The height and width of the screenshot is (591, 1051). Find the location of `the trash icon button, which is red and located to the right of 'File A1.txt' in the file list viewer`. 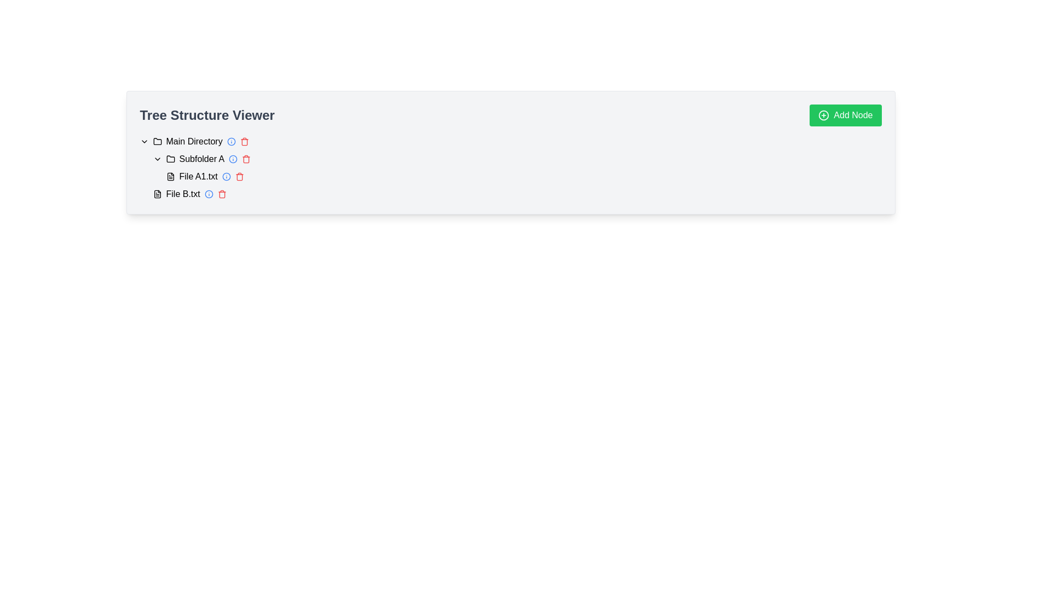

the trash icon button, which is red and located to the right of 'File A1.txt' in the file list viewer is located at coordinates (239, 176).